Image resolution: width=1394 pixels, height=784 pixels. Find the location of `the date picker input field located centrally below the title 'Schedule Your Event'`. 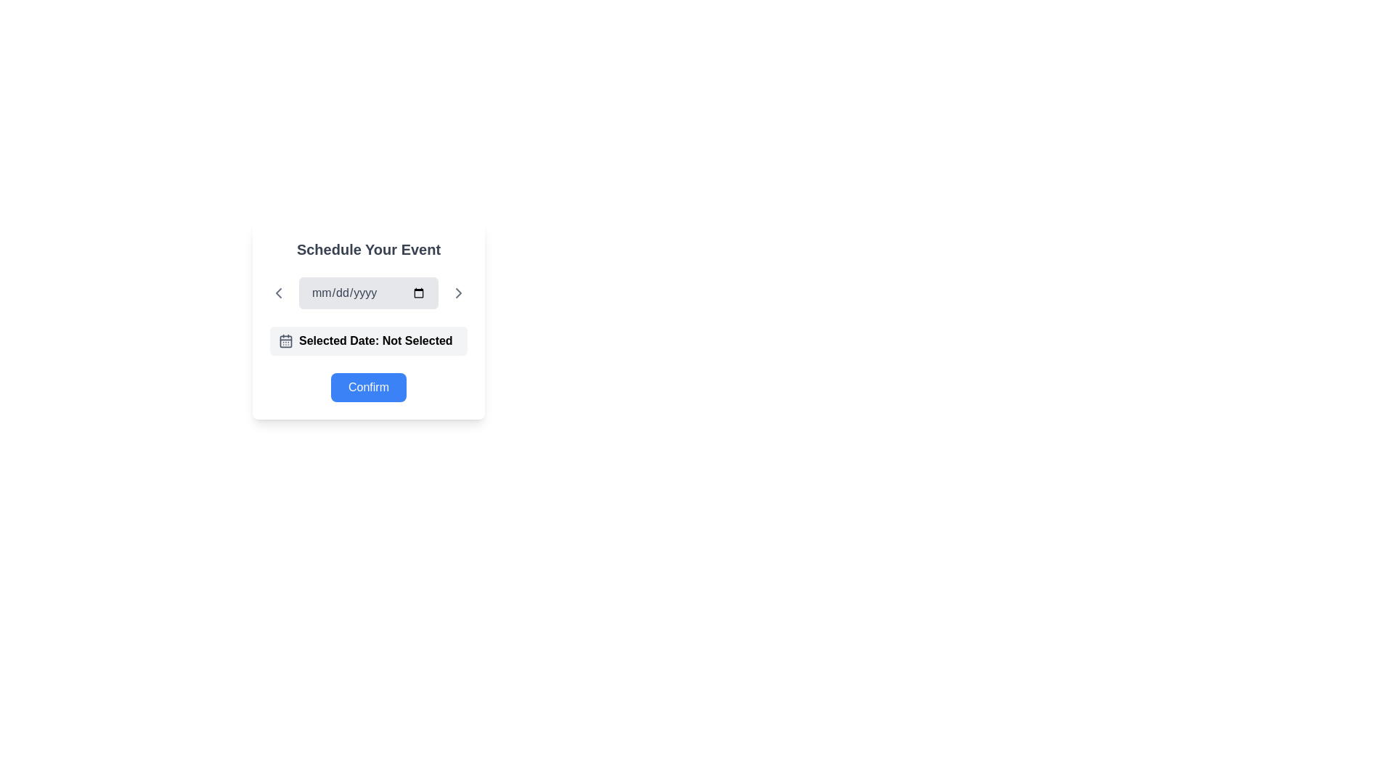

the date picker input field located centrally below the title 'Schedule Your Event' is located at coordinates (369, 293).